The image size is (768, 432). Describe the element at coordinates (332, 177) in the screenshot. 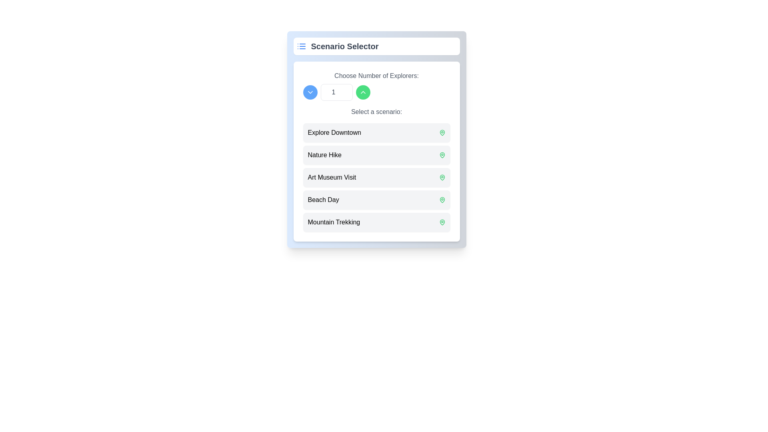

I see `the 'Art Museum Visit' text label in the scenario selector list` at that location.